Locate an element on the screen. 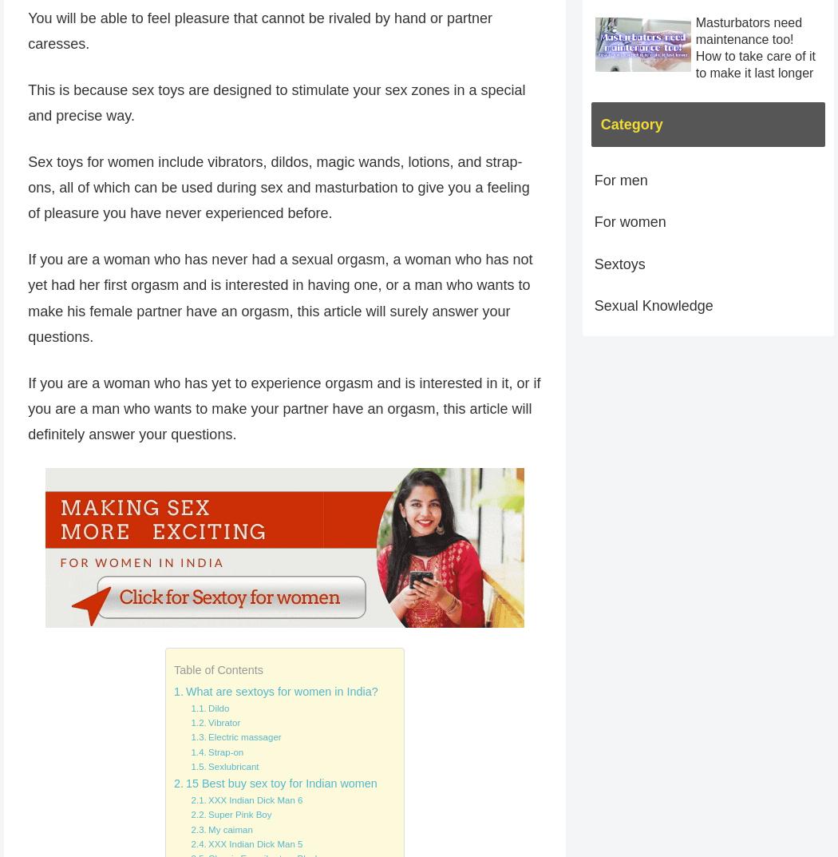 The height and width of the screenshot is (857, 838). 'Vibrator' is located at coordinates (223, 722).